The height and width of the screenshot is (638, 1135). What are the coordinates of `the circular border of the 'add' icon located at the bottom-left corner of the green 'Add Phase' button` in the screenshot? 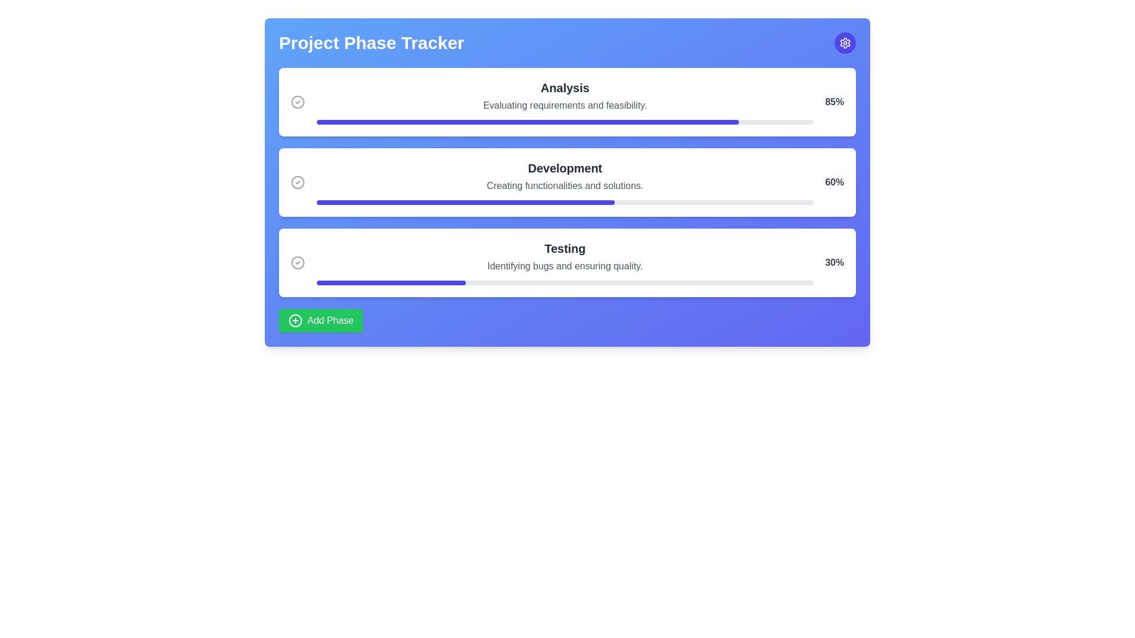 It's located at (295, 321).